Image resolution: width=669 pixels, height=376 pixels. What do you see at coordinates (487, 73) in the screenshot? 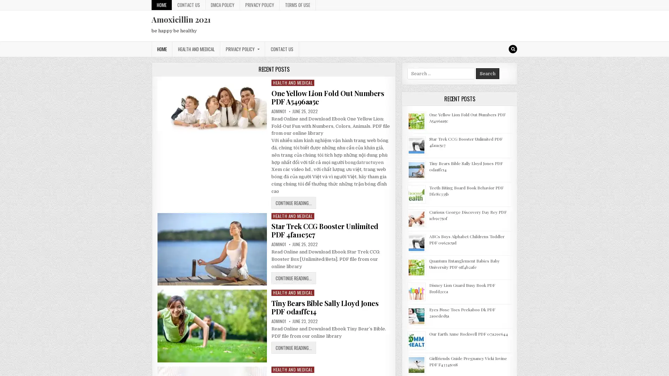
I see `Search` at bounding box center [487, 73].